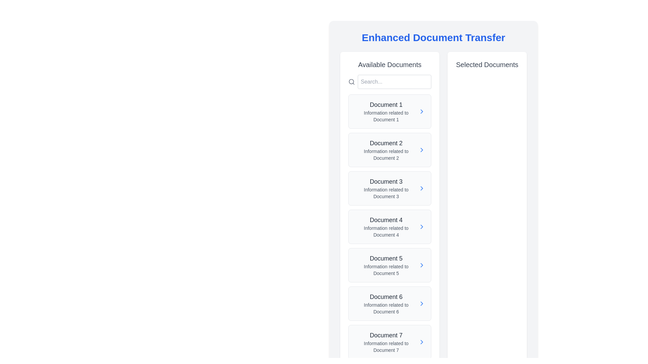 The image size is (648, 364). I want to click on the List Item representing 'Document 3' located under 'Available Documents' on the left side of the interface, so click(390, 188).